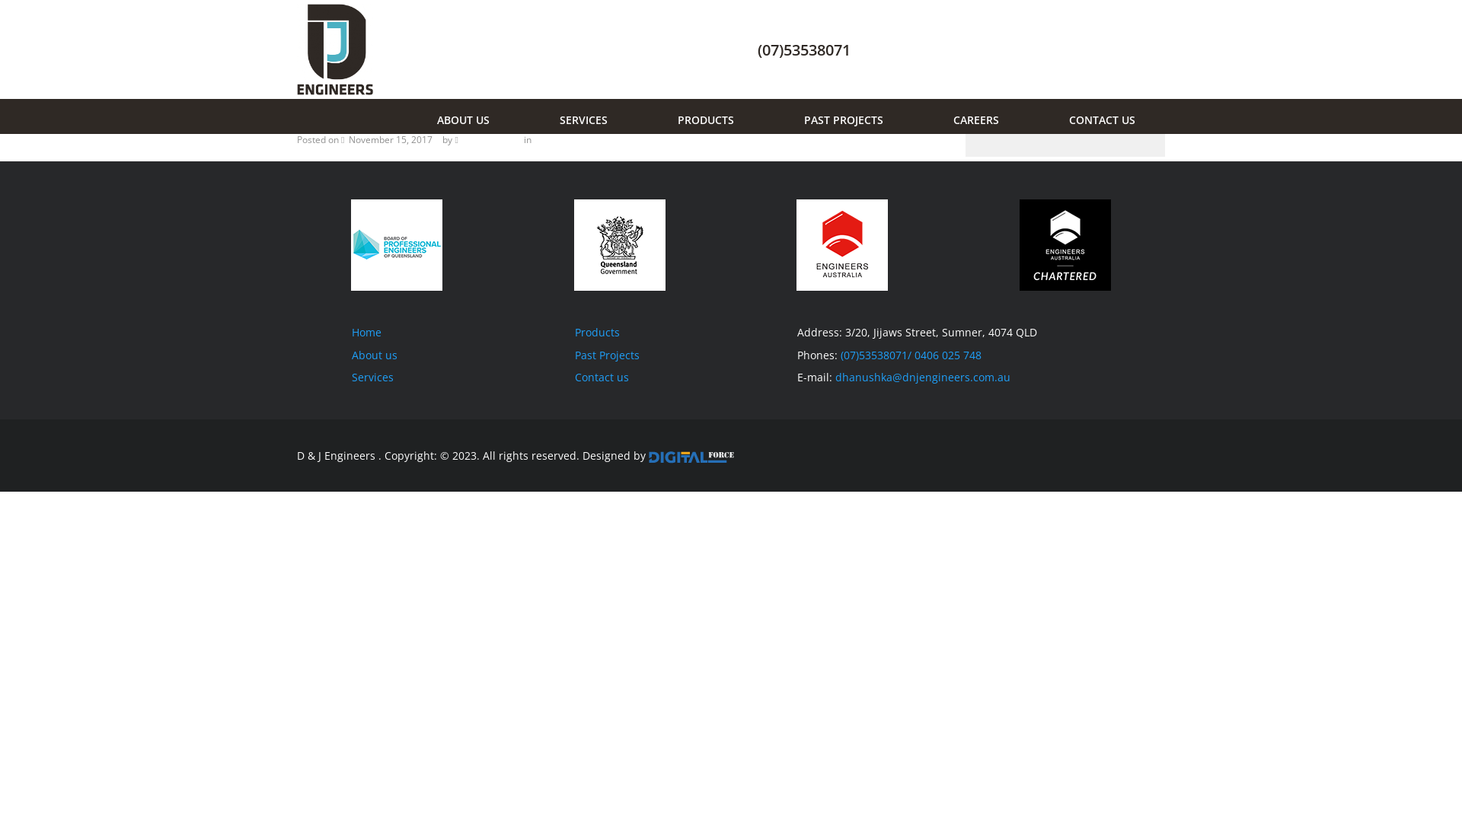 The height and width of the screenshot is (822, 1462). I want to click on 'Home', so click(366, 331).